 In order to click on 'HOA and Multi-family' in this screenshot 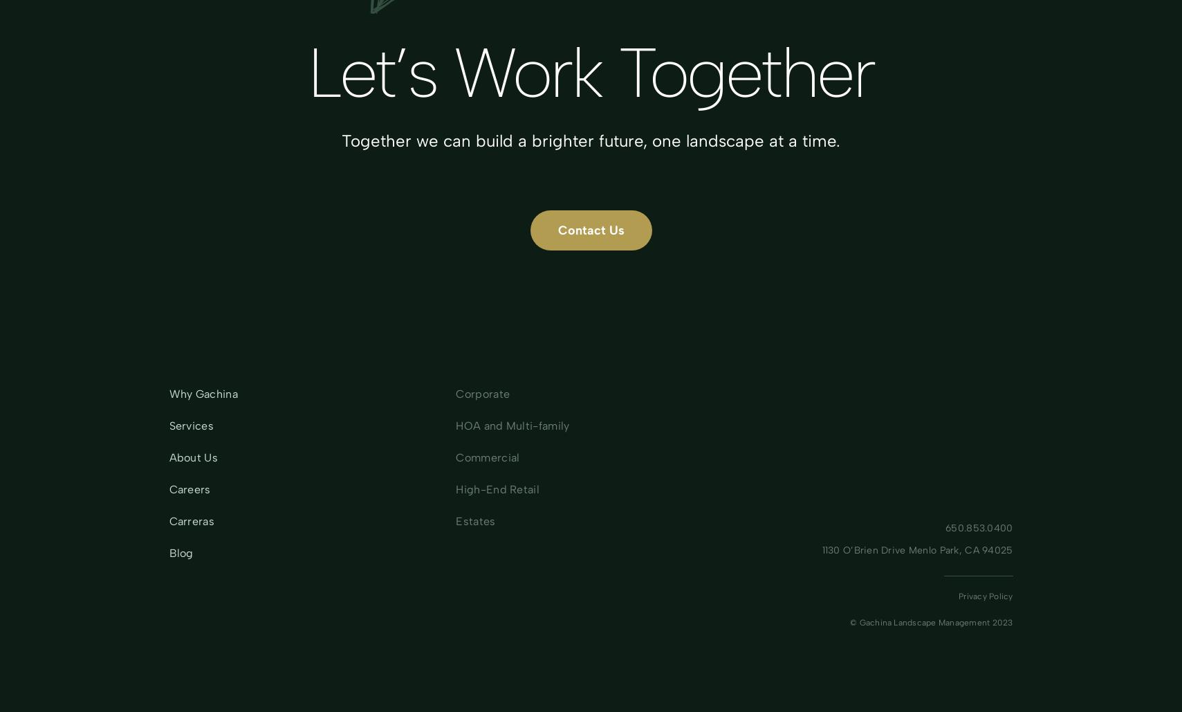, I will do `click(512, 425)`.